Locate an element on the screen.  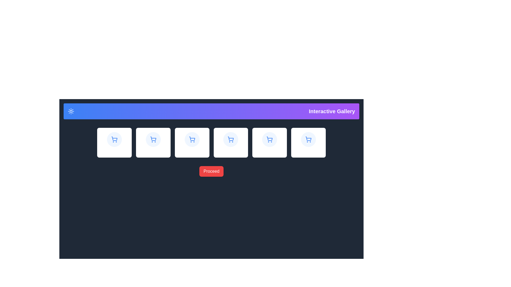
the shopping cart icon, which is a line art representation styled in blue stroke on a white background, located at the center of the application interface is located at coordinates (192, 138).